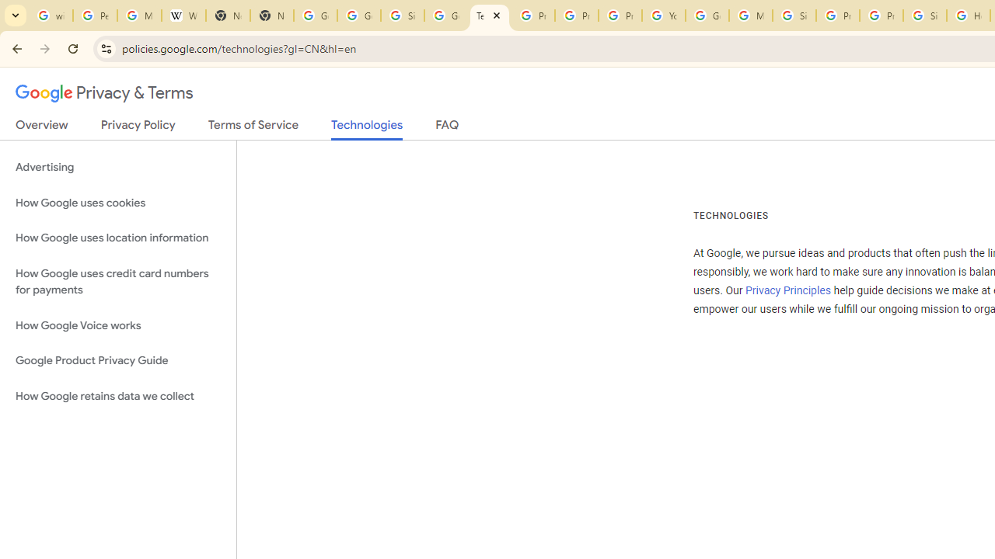  What do you see at coordinates (794, 16) in the screenshot?
I see `'Sign in - Google Accounts'` at bounding box center [794, 16].